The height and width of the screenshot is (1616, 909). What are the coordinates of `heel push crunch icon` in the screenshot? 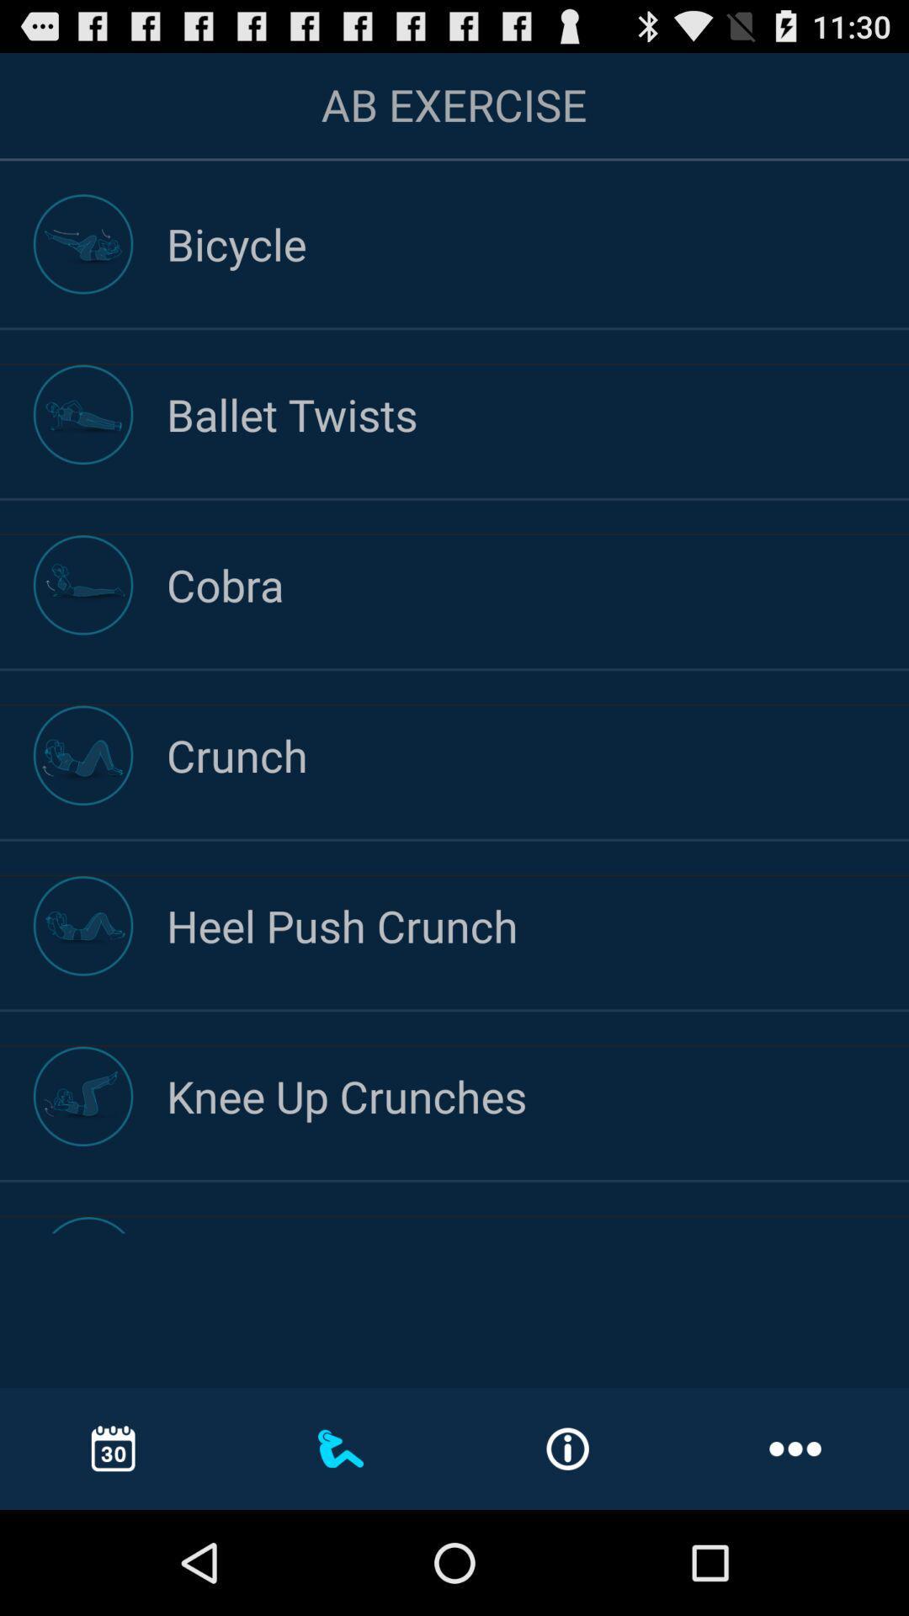 It's located at (538, 924).